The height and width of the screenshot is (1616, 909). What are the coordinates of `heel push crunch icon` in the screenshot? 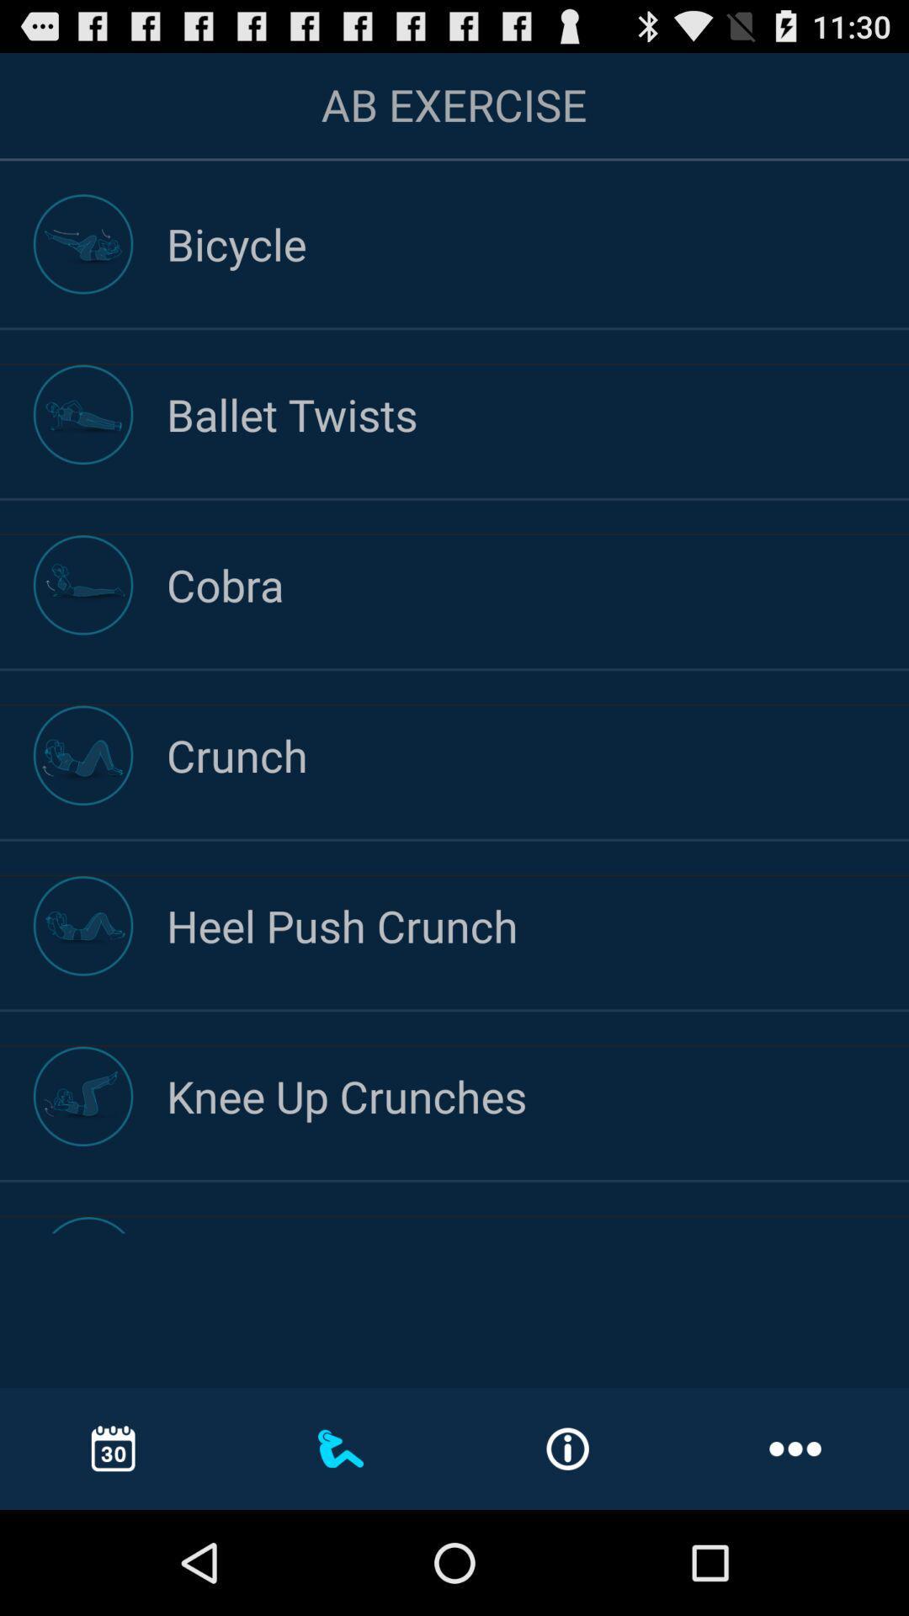 It's located at (538, 924).